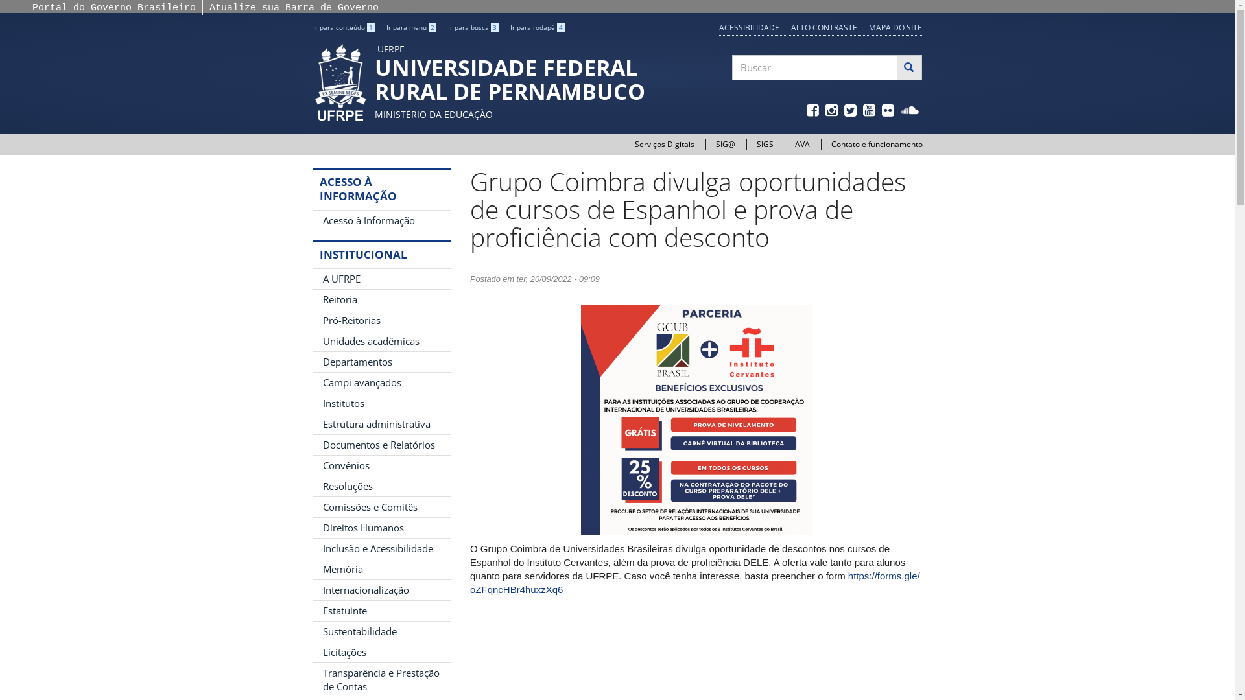 Image resolution: width=1245 pixels, height=700 pixels. Describe the element at coordinates (910, 111) in the screenshot. I see `' '` at that location.